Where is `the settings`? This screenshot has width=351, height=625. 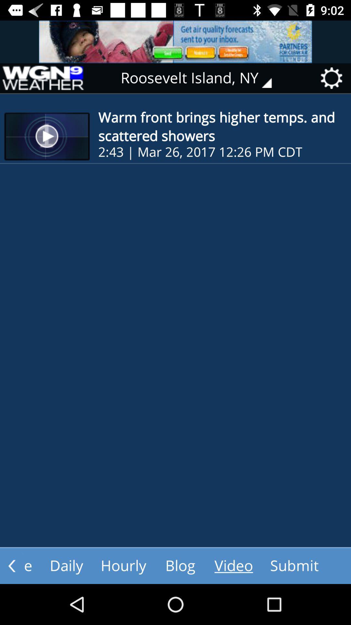
the settings is located at coordinates (333, 78).